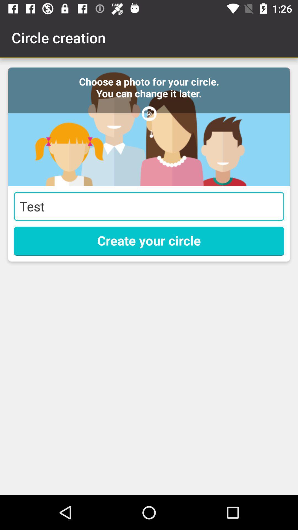 The width and height of the screenshot is (298, 530). What do you see at coordinates (149, 206) in the screenshot?
I see `item above the create your circle item` at bounding box center [149, 206].